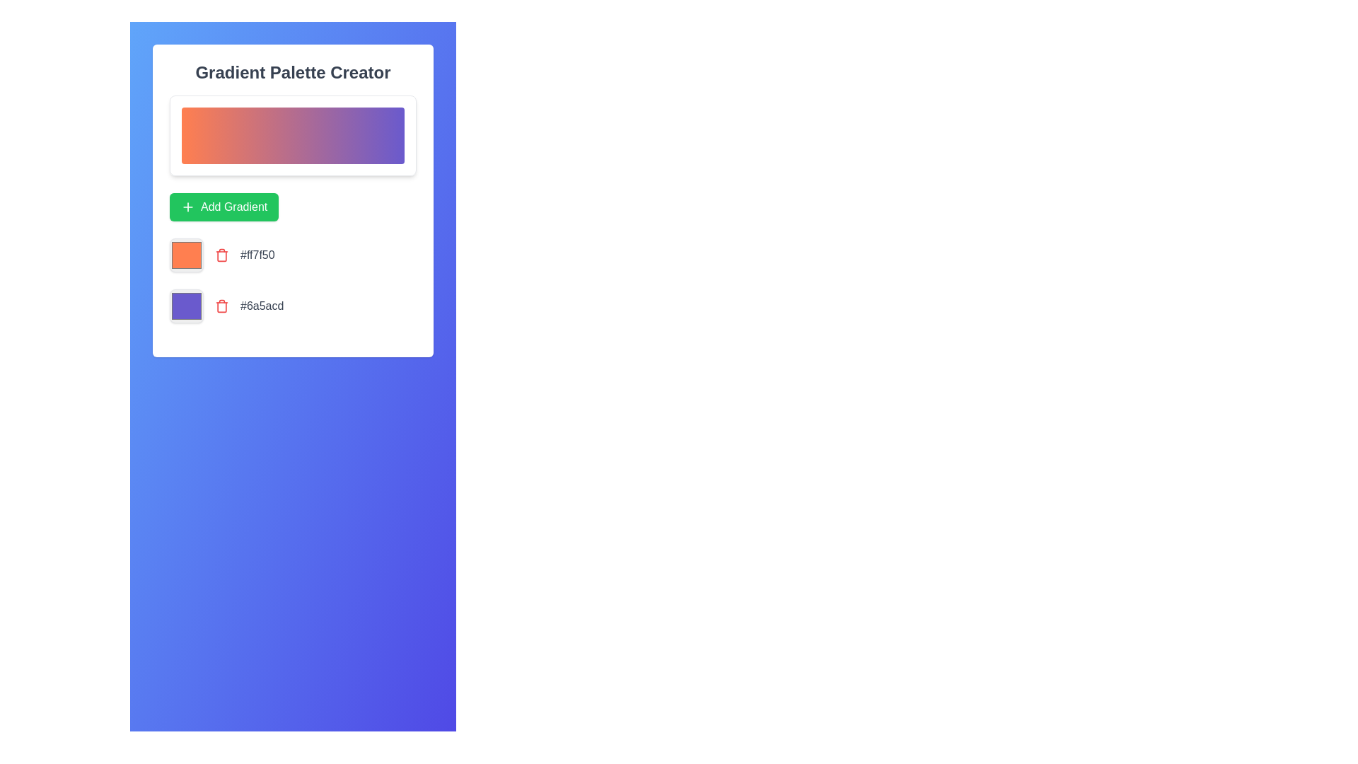 The width and height of the screenshot is (1358, 764). I want to click on the text '#6a5acd' for copying, which is styled in gray color and located adjacent to a purple color block and a red delete icon within the color palette manager, so click(262, 305).